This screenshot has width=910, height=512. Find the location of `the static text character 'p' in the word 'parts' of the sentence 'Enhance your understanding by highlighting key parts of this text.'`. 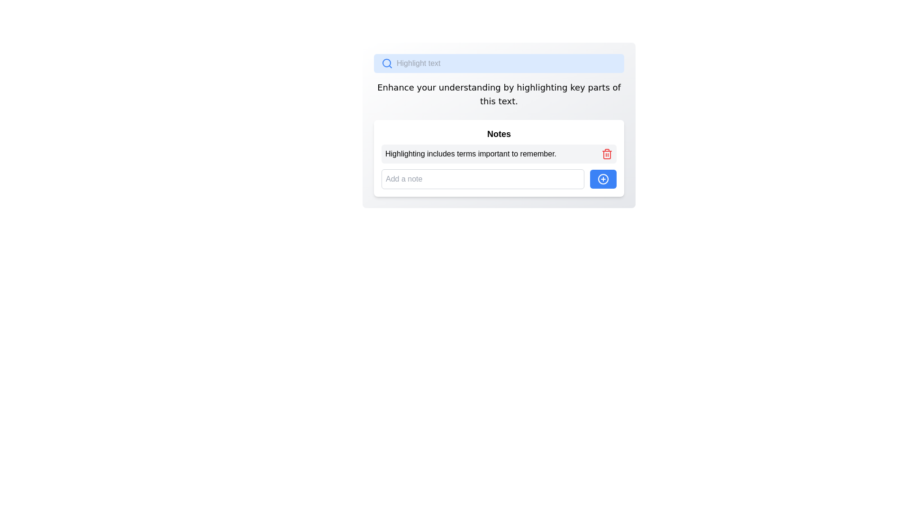

the static text character 'p' in the word 'parts' of the sentence 'Enhance your understanding by highlighting key parts of this text.' is located at coordinates (595, 87).